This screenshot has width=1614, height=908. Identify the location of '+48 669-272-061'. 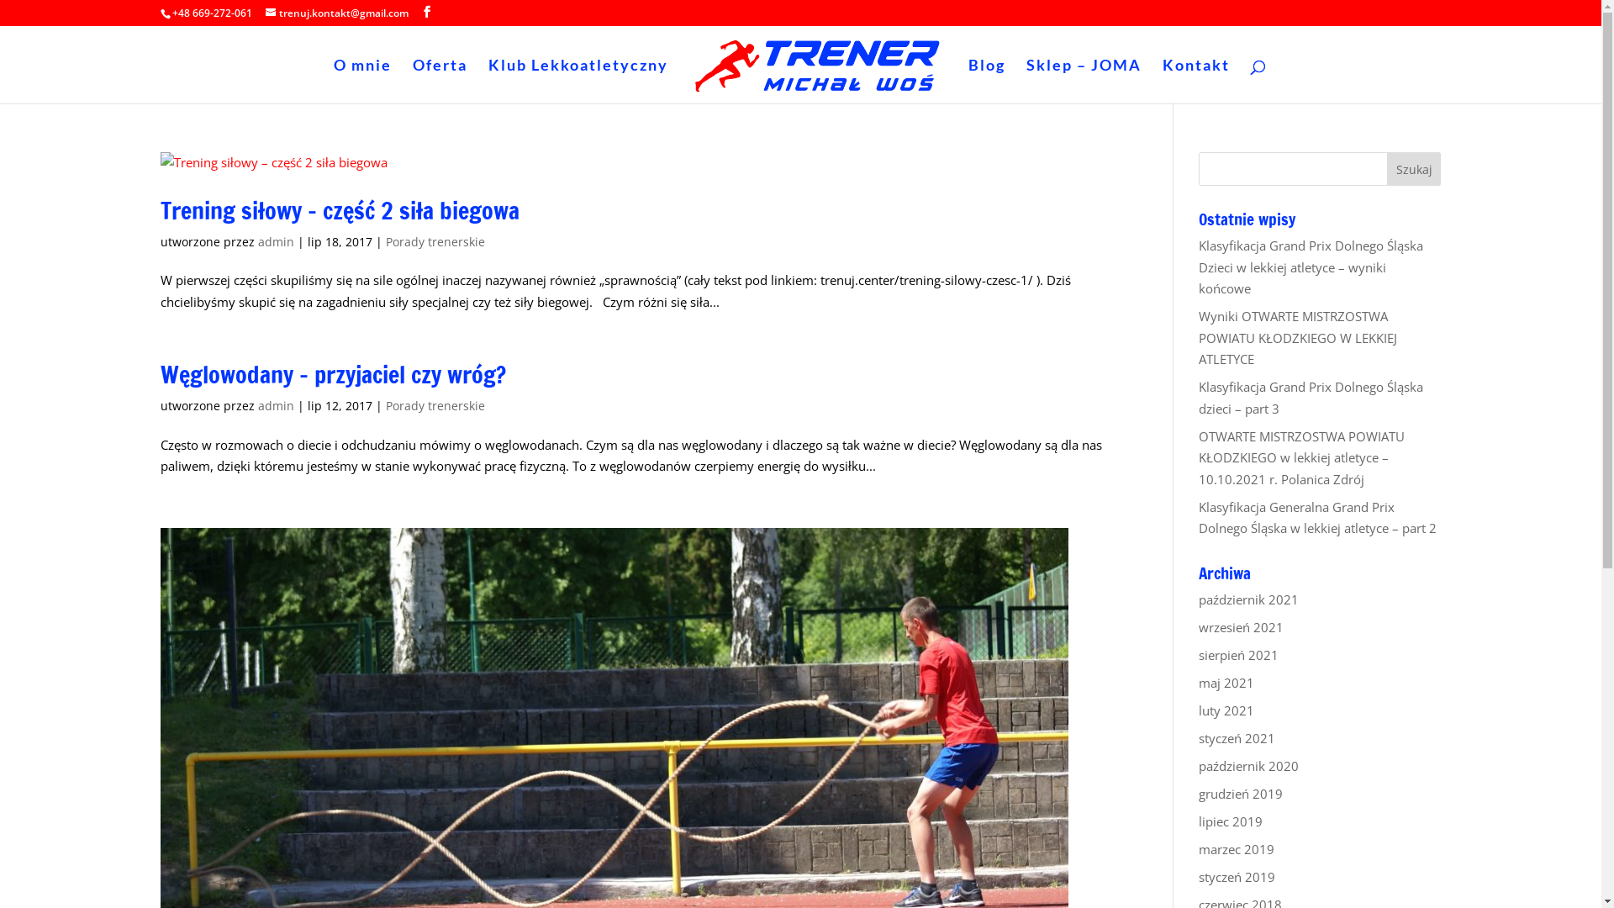
(171, 13).